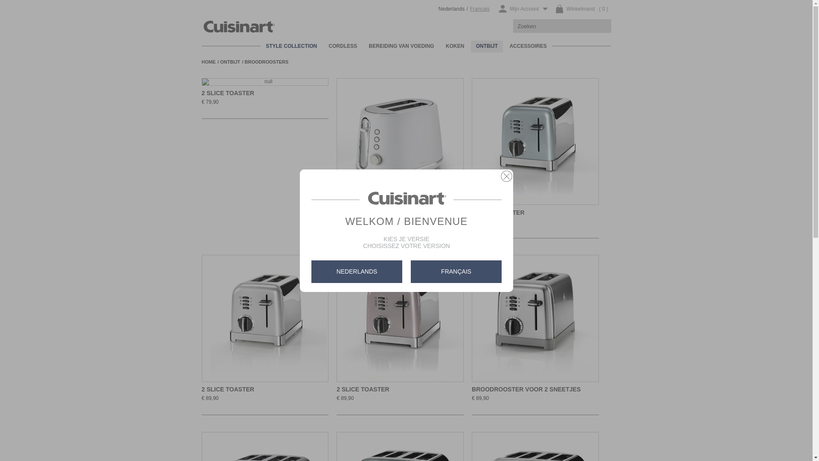 This screenshot has height=461, width=819. What do you see at coordinates (357, 271) in the screenshot?
I see `'NEDERLANDS'` at bounding box center [357, 271].